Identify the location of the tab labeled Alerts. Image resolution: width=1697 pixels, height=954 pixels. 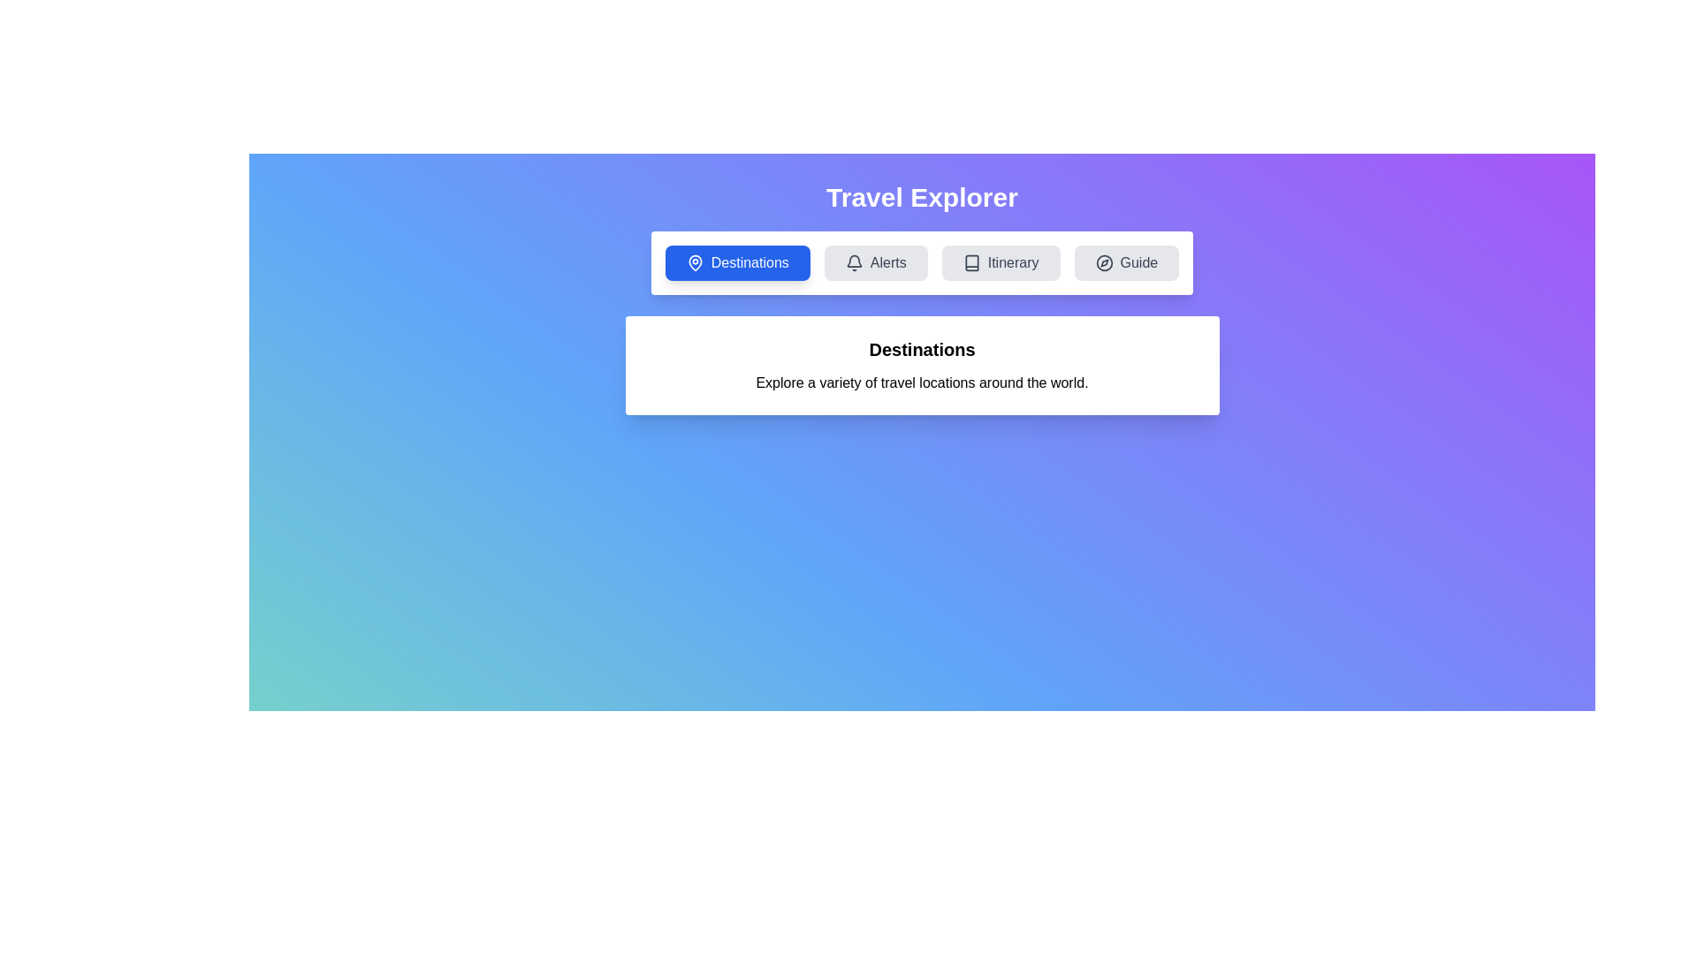
(876, 262).